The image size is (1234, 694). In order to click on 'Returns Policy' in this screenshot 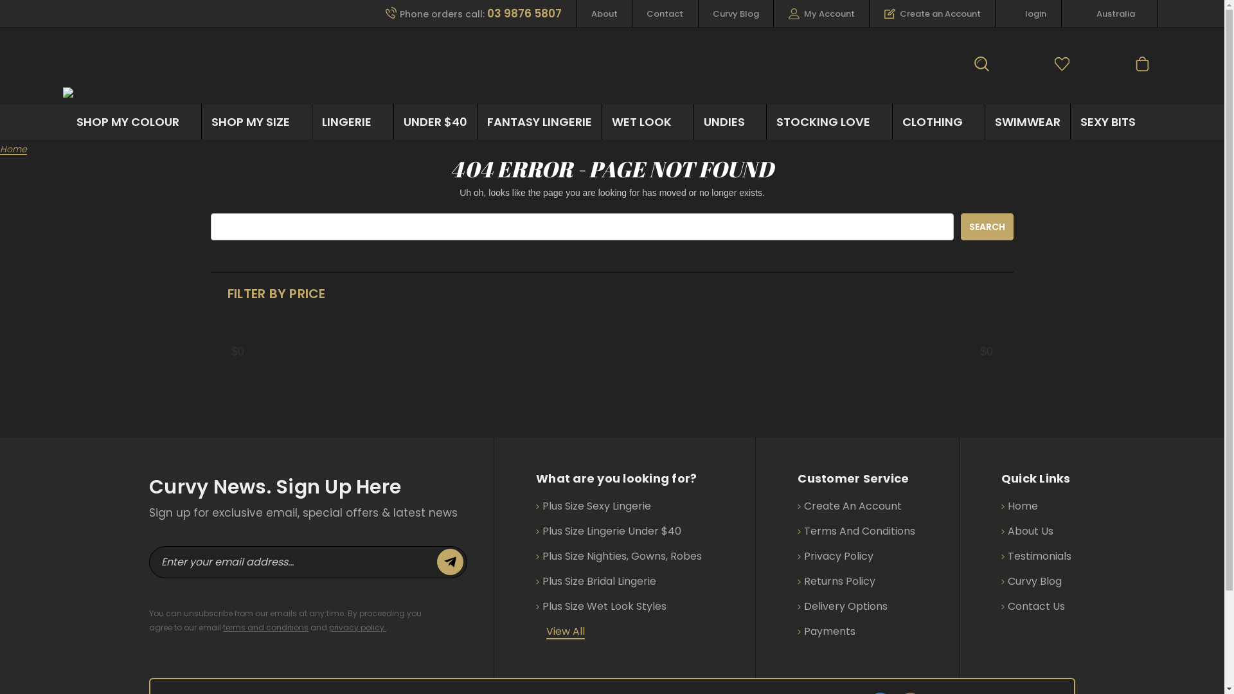, I will do `click(797, 582)`.